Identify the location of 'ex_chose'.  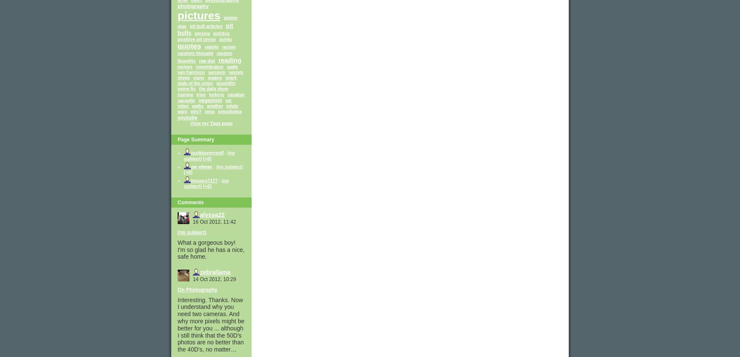
(202, 166).